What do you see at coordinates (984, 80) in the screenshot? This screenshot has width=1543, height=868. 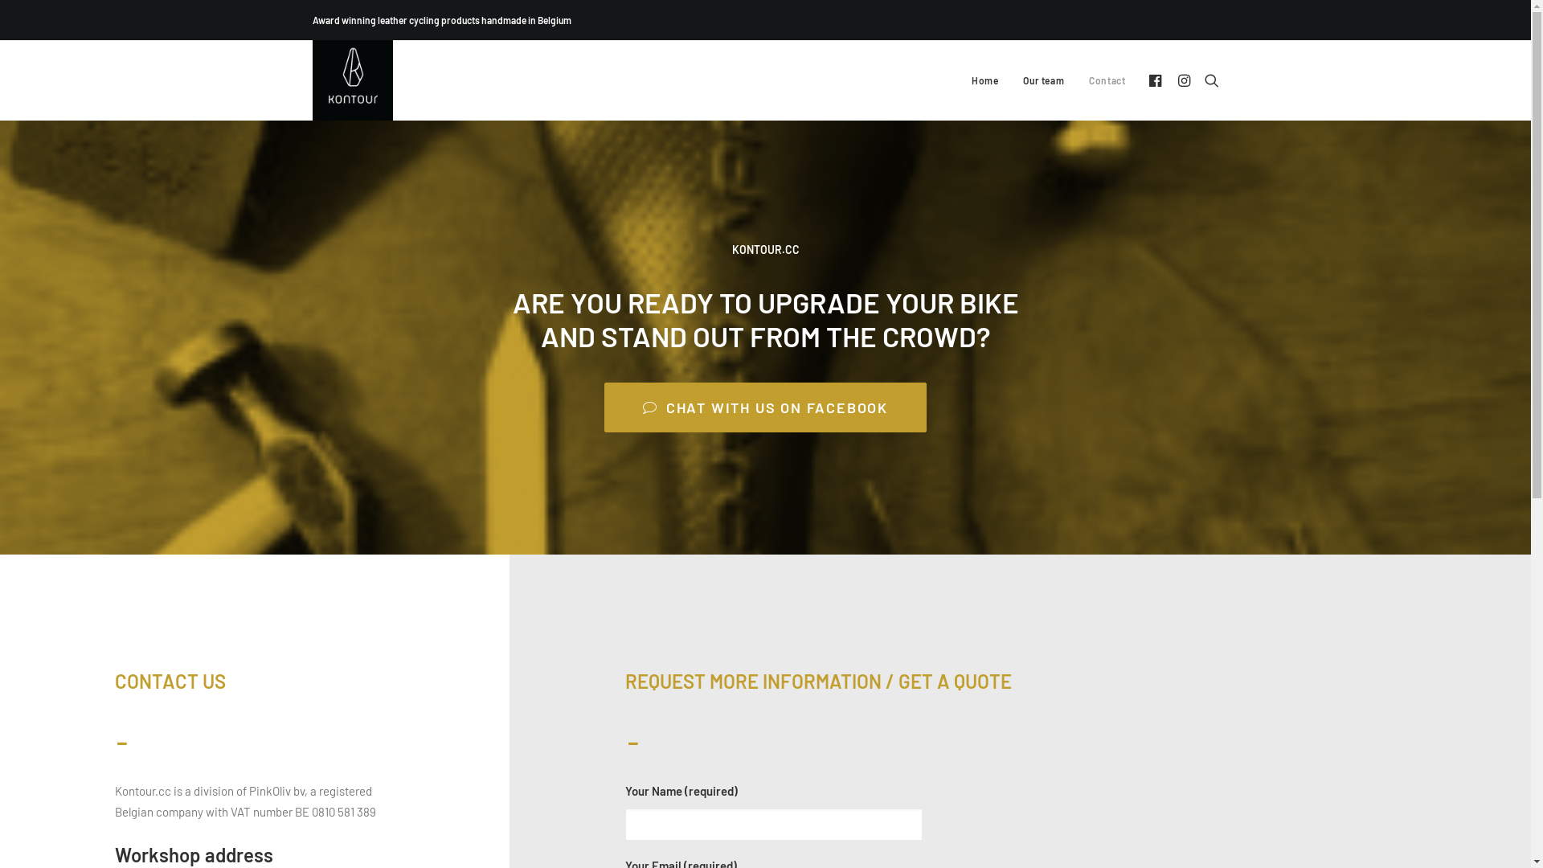 I see `'Home'` at bounding box center [984, 80].